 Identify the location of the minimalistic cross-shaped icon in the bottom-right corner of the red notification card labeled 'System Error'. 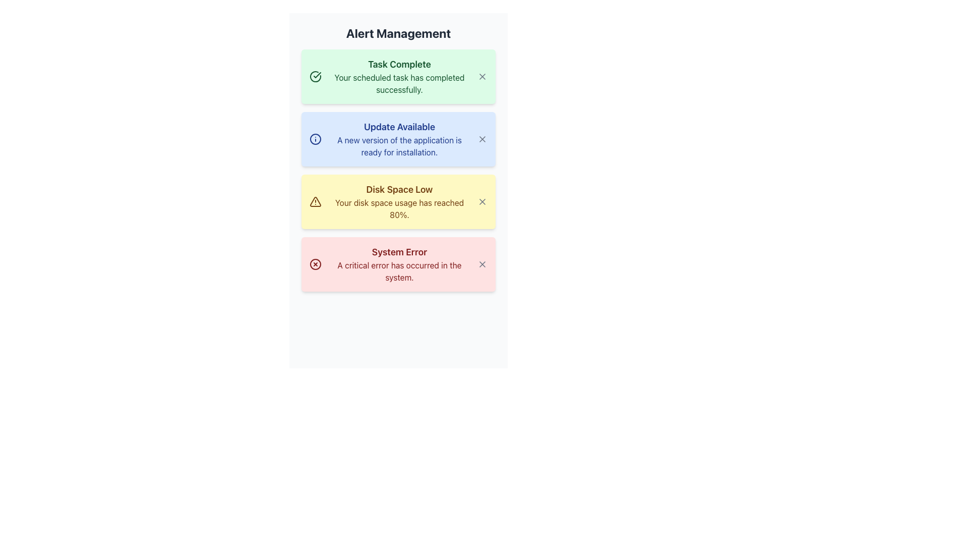
(481, 264).